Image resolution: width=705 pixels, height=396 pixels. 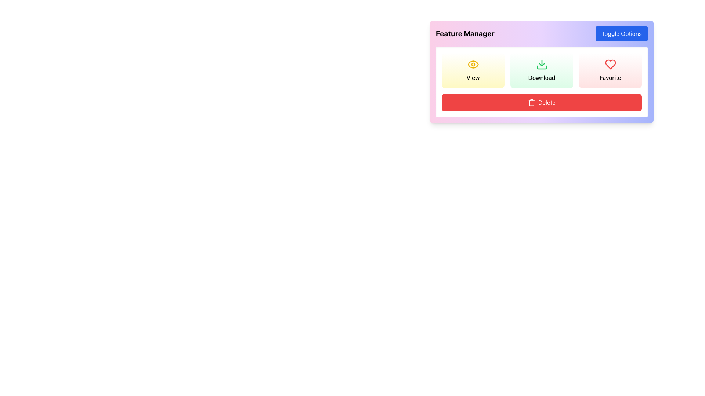 I want to click on the trash icon located within the 'Delete' button, which visually indicates its functionality to delete an item, so click(x=532, y=103).